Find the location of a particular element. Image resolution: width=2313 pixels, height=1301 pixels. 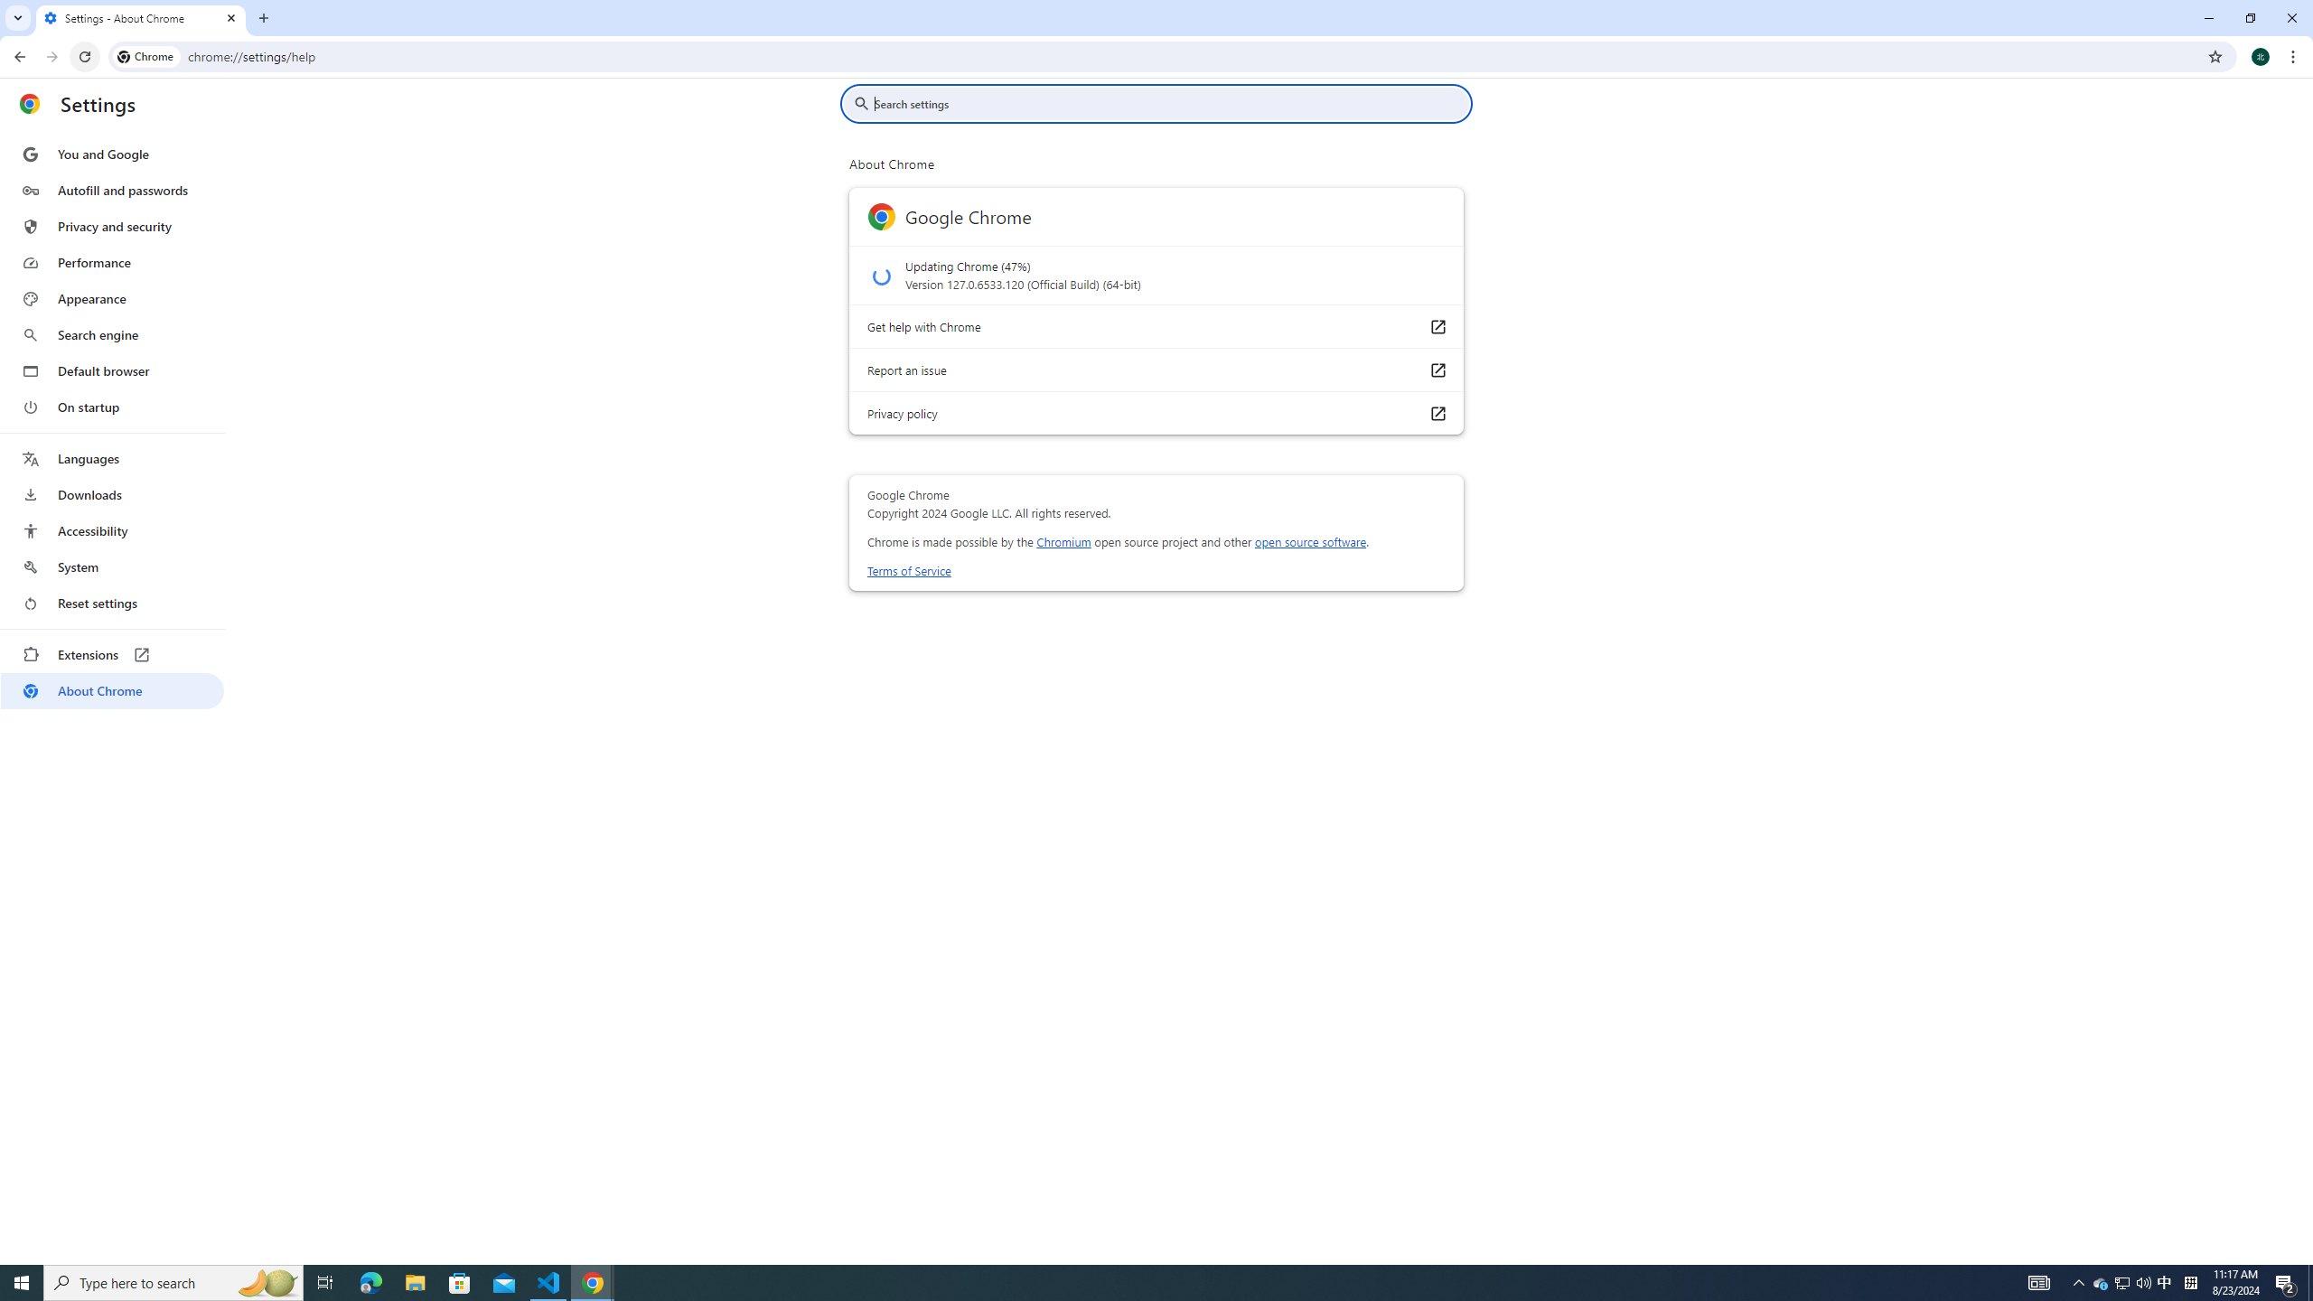

'You and Google' is located at coordinates (111, 154).